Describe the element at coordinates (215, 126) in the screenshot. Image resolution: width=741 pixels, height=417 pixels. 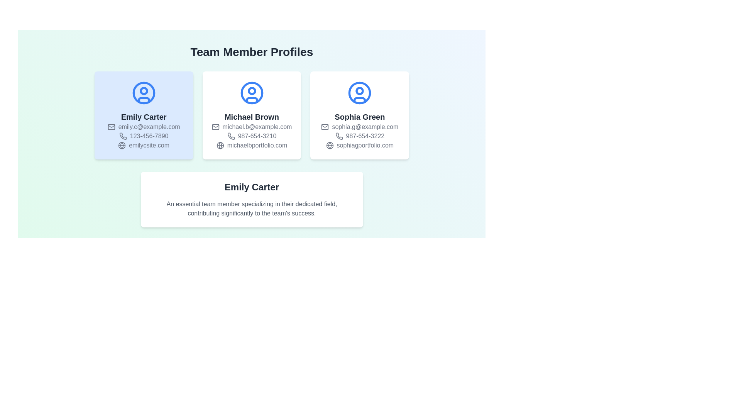
I see `the mail icon styled with a line drawing of an envelope, located to the left of the email address 'michael.b@example.com' within the second profile card for 'Michael Brown'` at that location.